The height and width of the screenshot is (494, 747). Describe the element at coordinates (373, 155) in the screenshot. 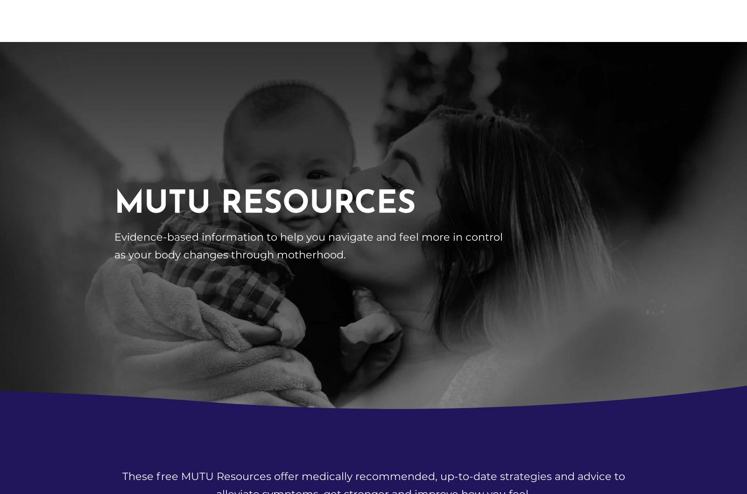

I see `'Dealing with pelvic health issues at work'` at that location.